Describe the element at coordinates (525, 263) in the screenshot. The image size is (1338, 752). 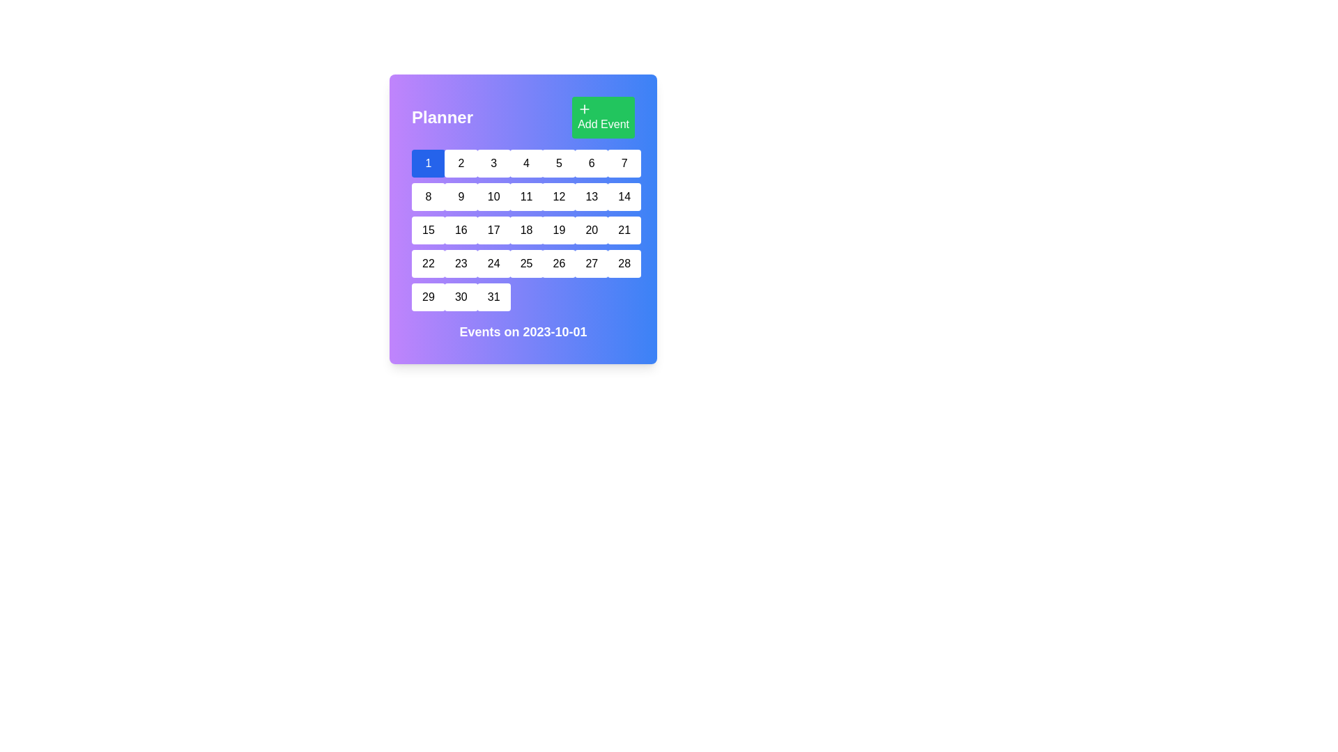
I see `the button representing day '25' in the calendar` at that location.